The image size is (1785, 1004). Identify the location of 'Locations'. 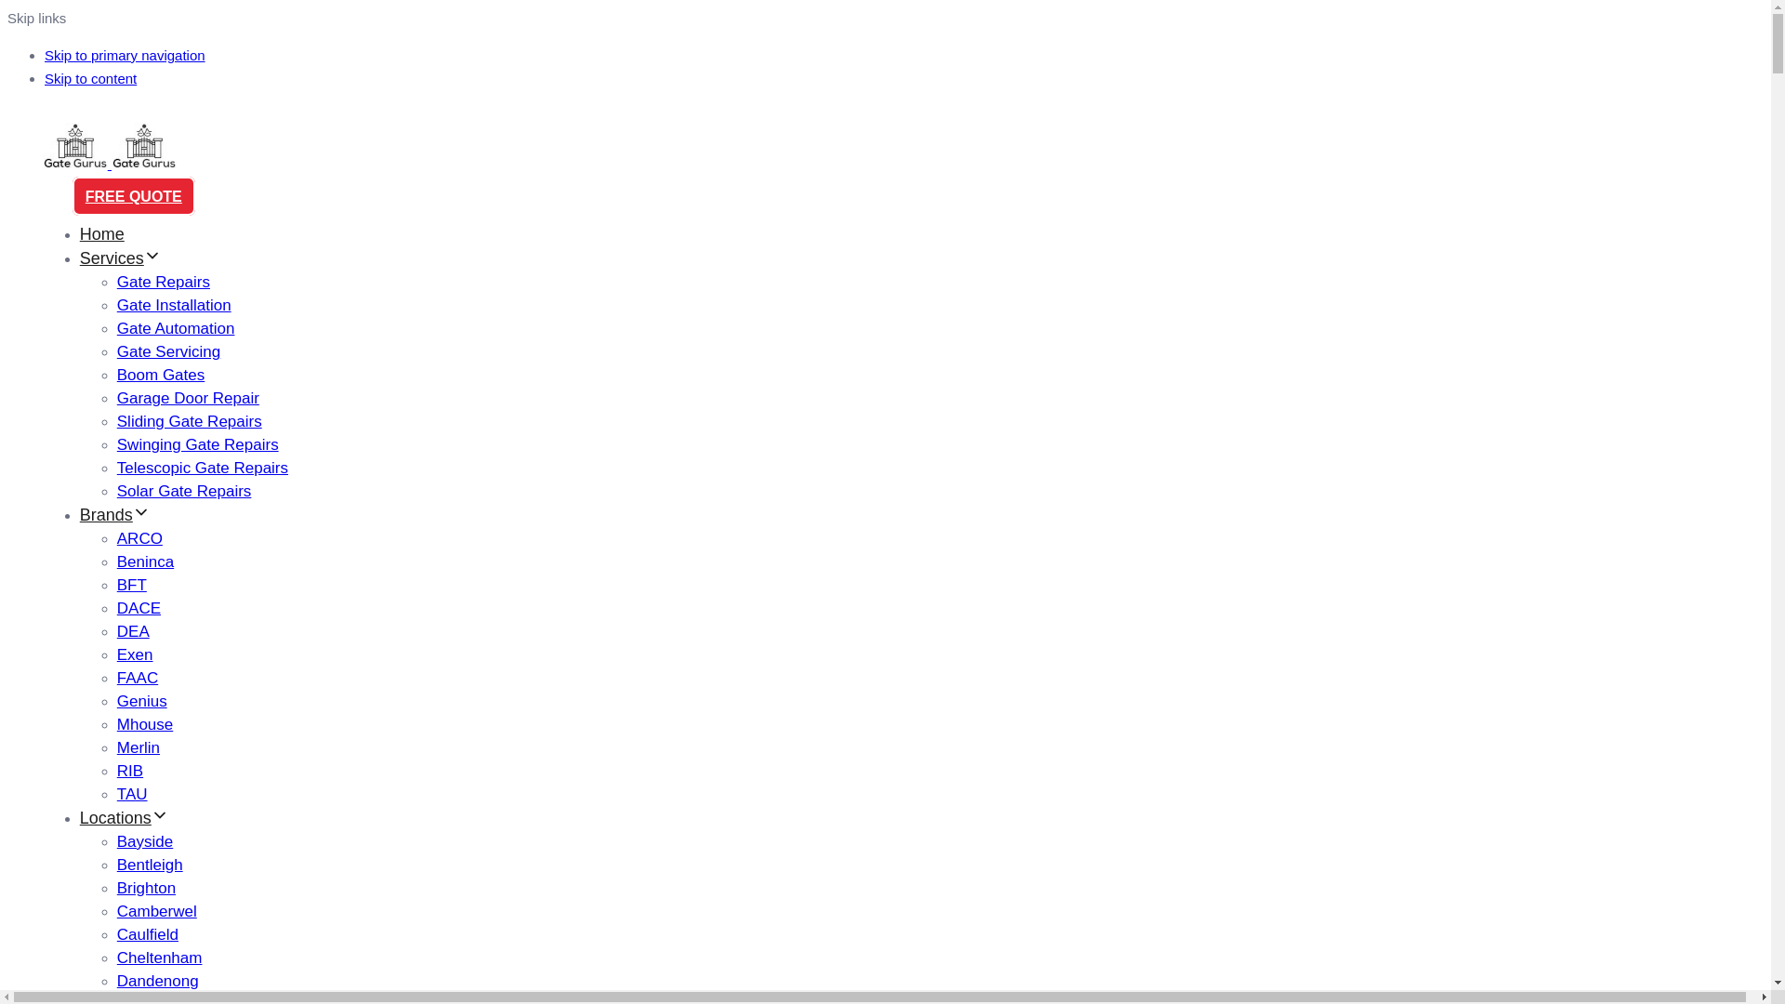
(123, 816).